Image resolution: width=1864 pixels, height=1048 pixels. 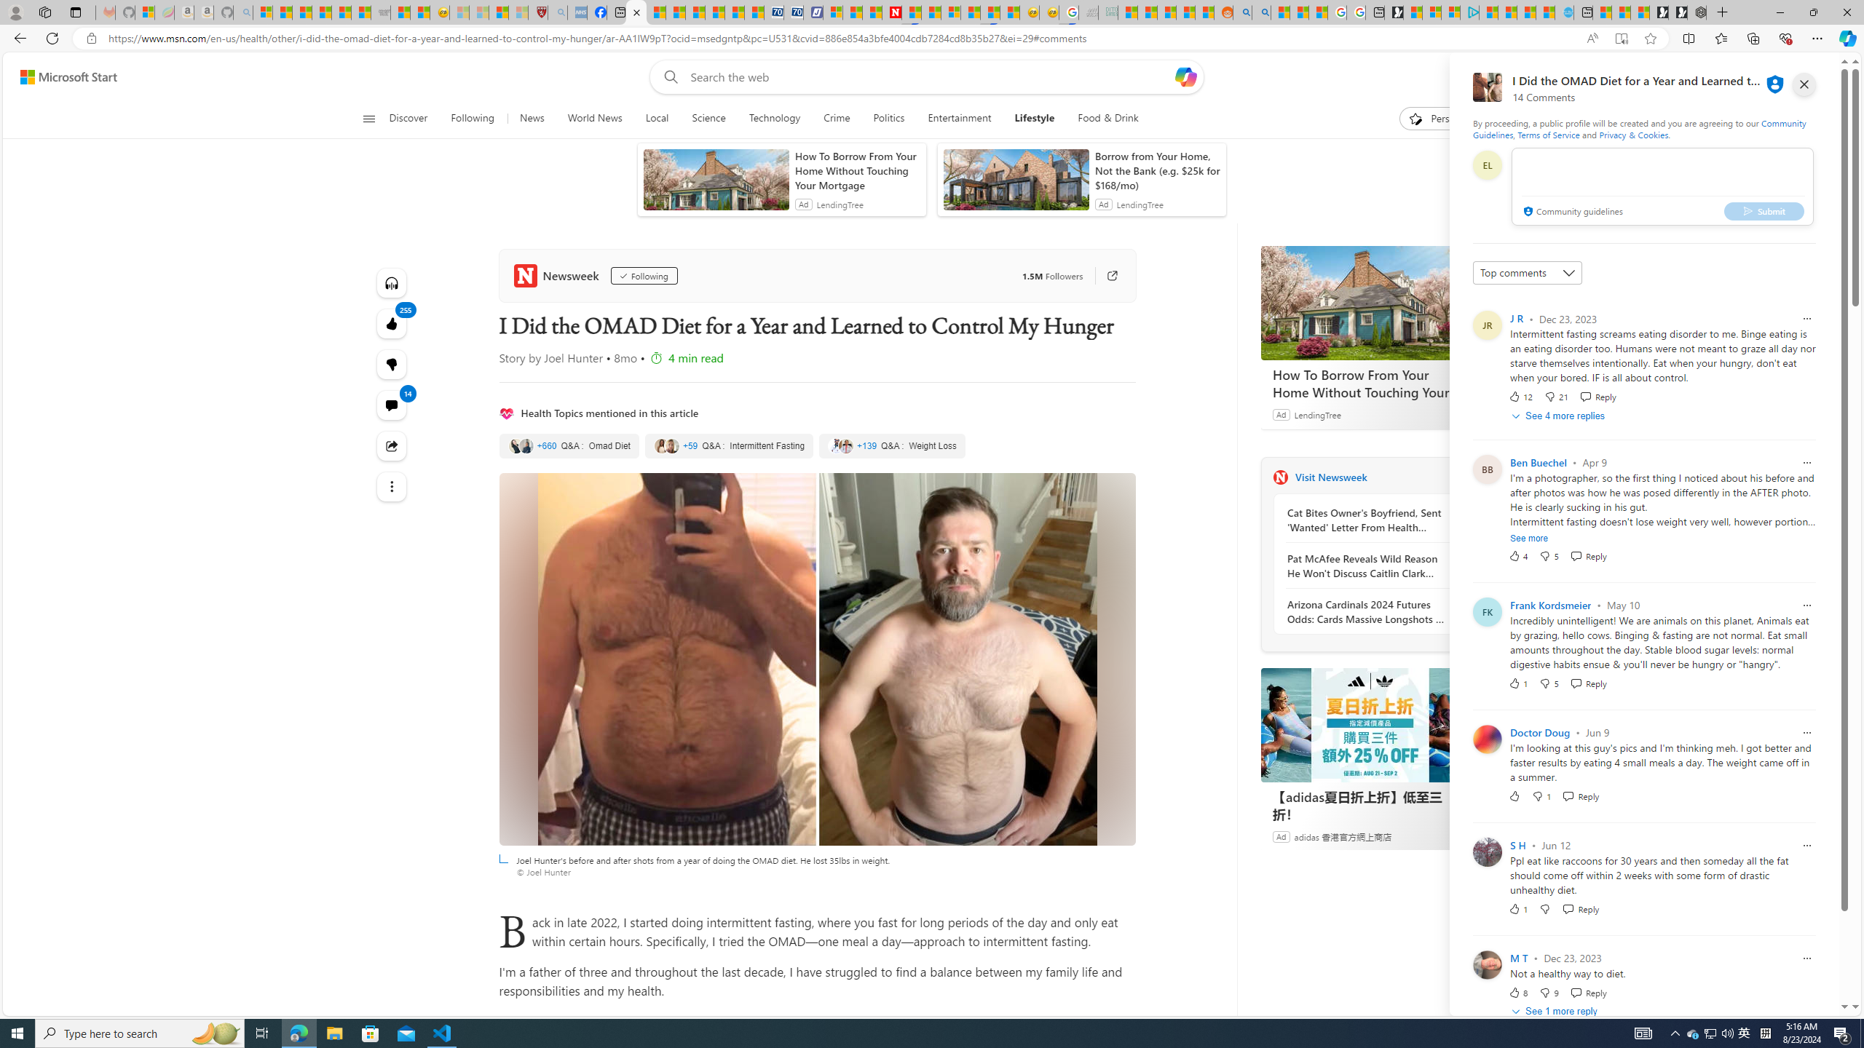 I want to click on 'New Report Confirms 2023 Was Record Hot | Watch', so click(x=341, y=12).